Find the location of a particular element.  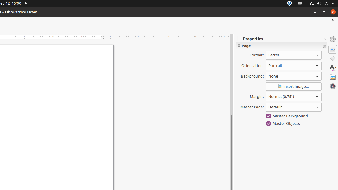

'Shapes' is located at coordinates (332, 58).